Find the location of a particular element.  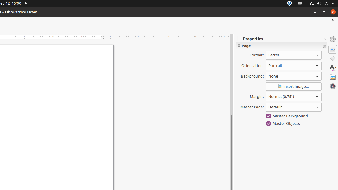

'Shapes' is located at coordinates (332, 58).